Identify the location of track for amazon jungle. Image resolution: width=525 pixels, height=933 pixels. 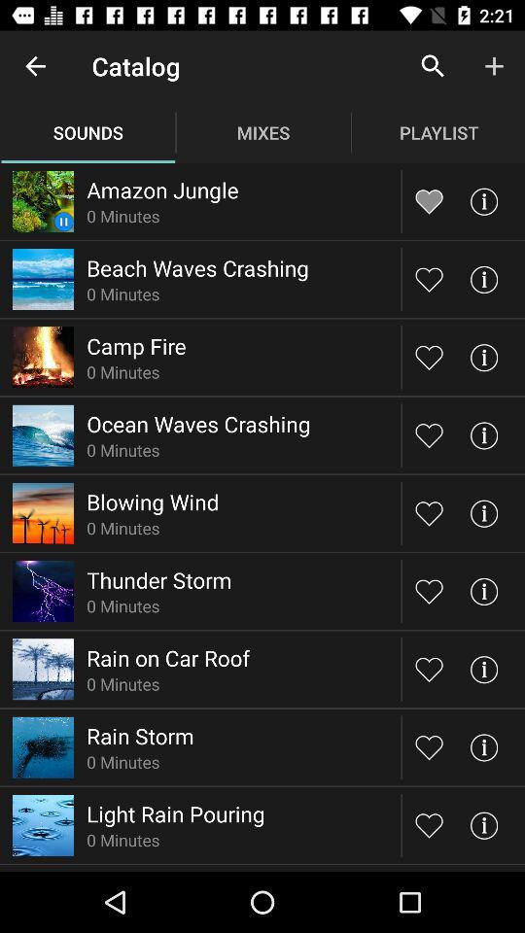
(429, 201).